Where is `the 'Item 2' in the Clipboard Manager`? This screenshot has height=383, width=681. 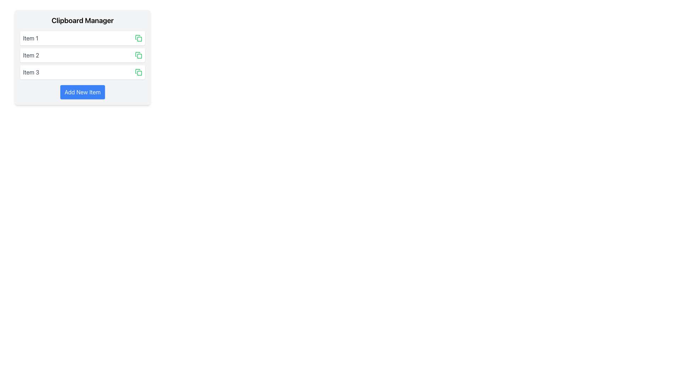 the 'Item 2' in the Clipboard Manager is located at coordinates (83, 55).